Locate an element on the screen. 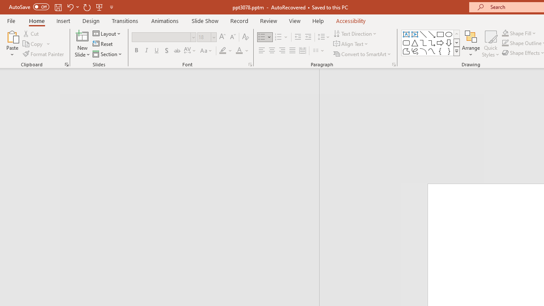  'Transitions' is located at coordinates (125, 20).